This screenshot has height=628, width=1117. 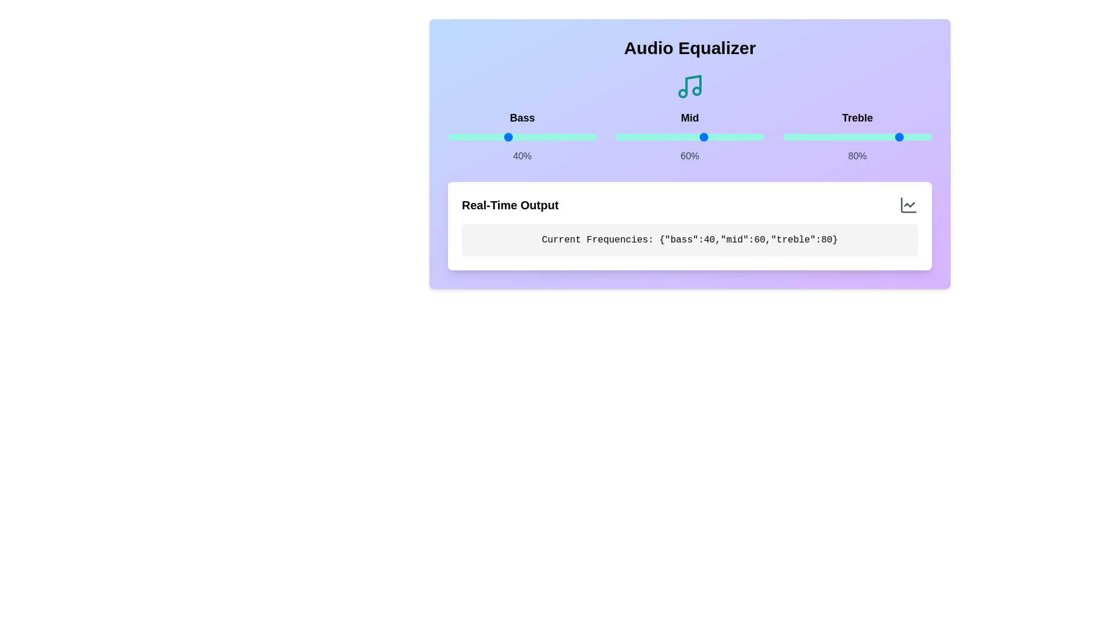 I want to click on the 'Treble' slider, so click(x=903, y=136).